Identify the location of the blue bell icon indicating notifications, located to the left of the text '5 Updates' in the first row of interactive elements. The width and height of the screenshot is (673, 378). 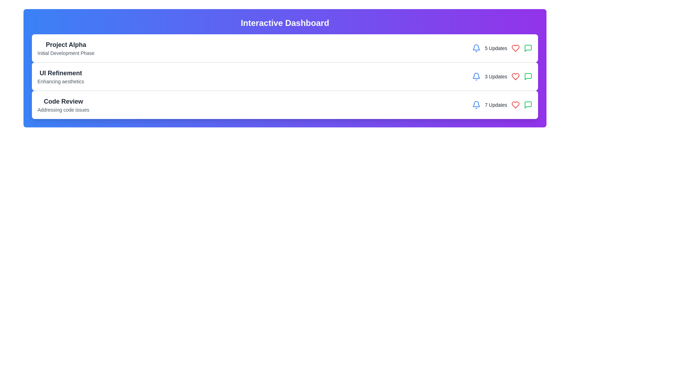
(476, 48).